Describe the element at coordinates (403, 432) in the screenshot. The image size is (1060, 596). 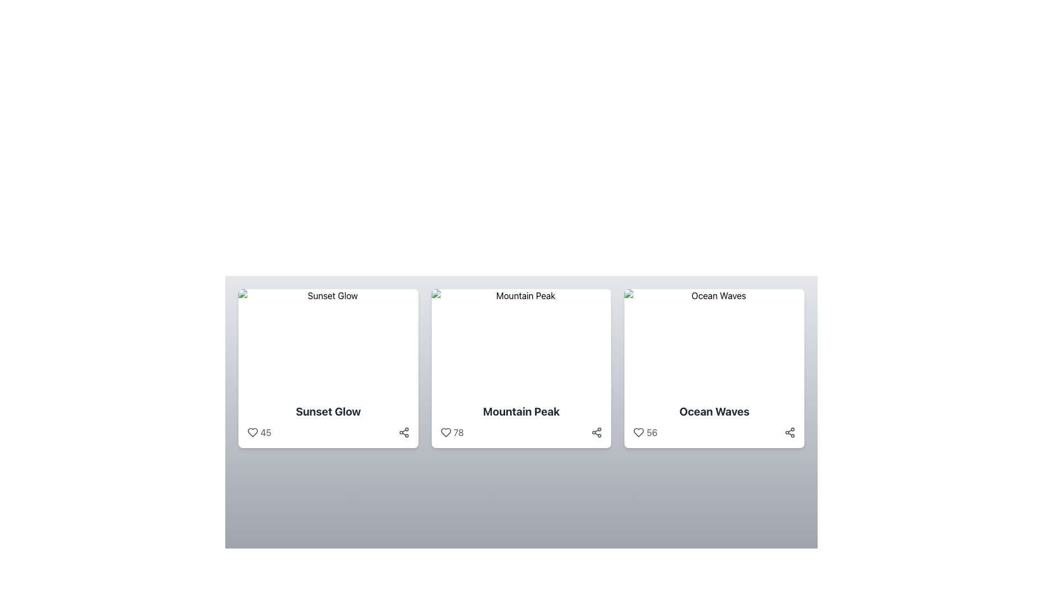
I see `the share icon button located in the bottom-right corner of the 'Sunset Glow' card` at that location.